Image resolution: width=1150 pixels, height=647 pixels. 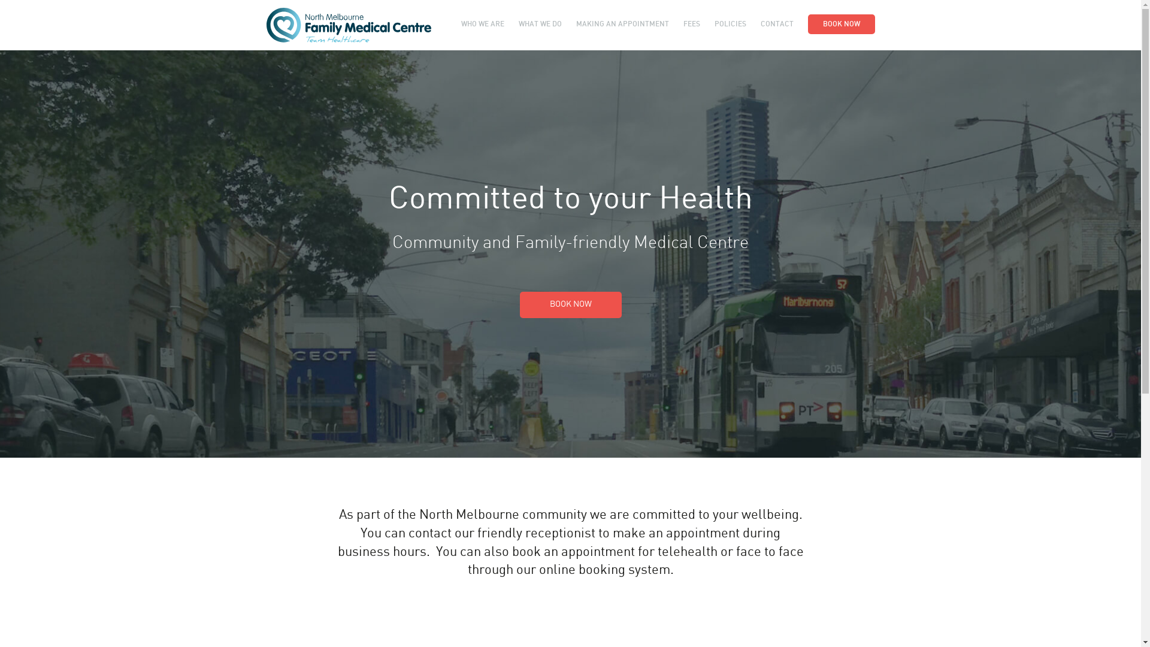 What do you see at coordinates (691, 23) in the screenshot?
I see `'FEES'` at bounding box center [691, 23].